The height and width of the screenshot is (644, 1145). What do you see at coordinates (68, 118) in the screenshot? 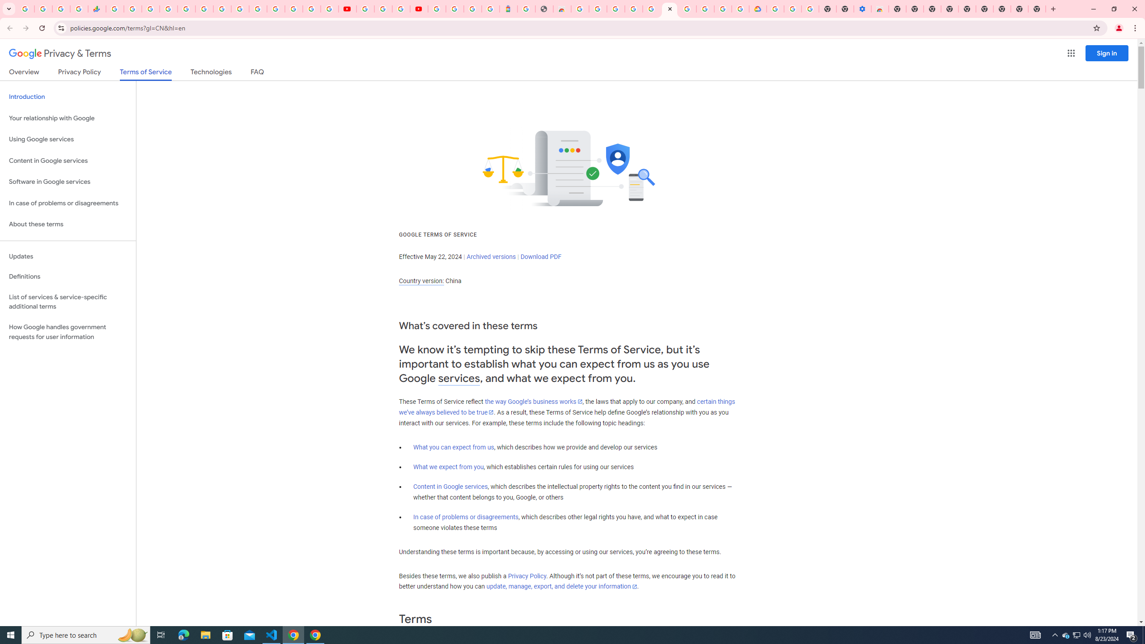
I see `'Your relationship with Google'` at bounding box center [68, 118].